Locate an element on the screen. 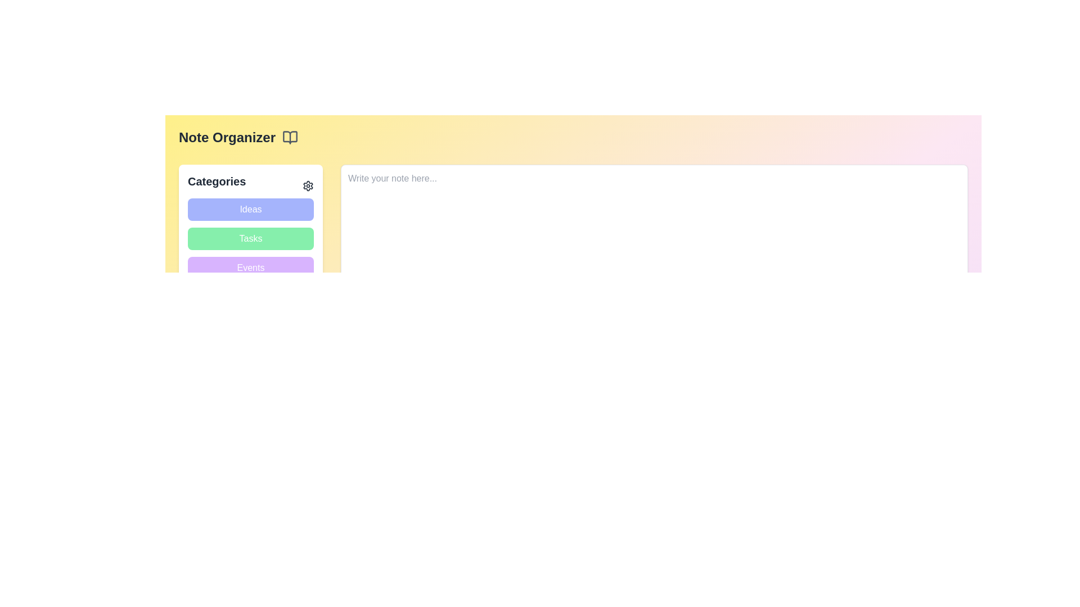  the green 'Tasks' button located in the left sidebar is located at coordinates (250, 238).